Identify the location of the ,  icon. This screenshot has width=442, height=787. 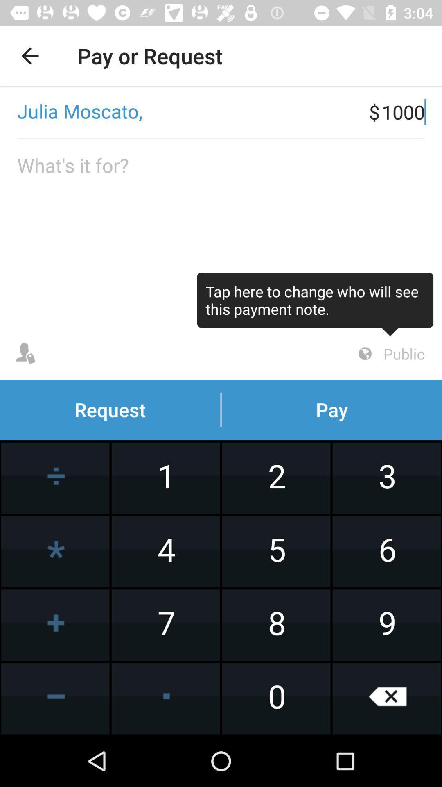
(184, 111).